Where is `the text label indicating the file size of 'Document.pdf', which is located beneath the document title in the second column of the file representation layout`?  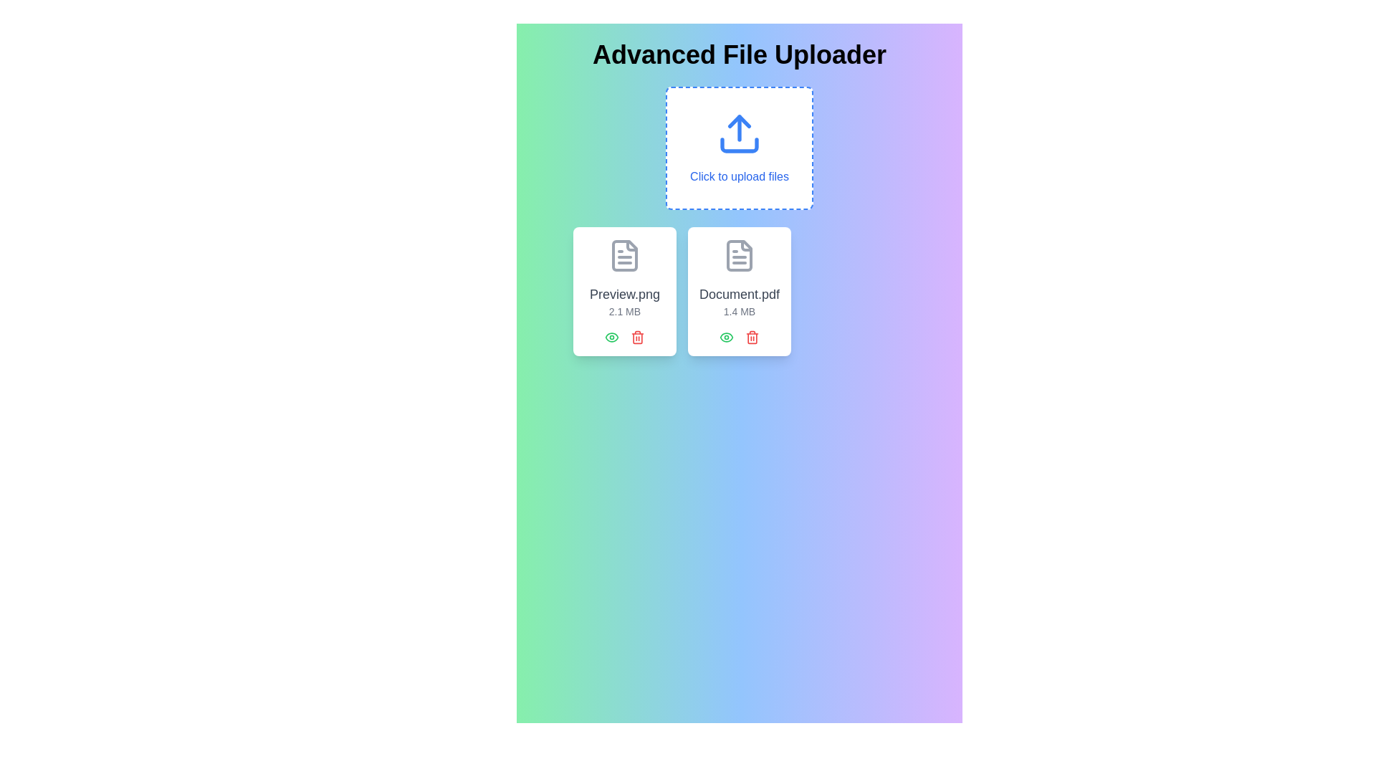 the text label indicating the file size of 'Document.pdf', which is located beneath the document title in the second column of the file representation layout is located at coordinates (740, 311).